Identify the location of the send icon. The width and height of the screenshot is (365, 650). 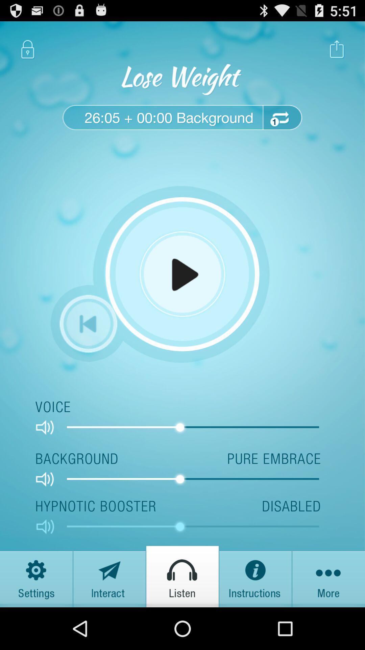
(109, 616).